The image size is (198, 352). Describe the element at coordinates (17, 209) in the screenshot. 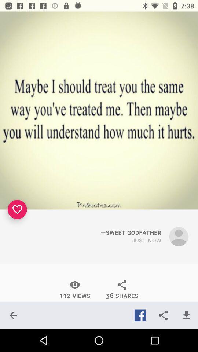

I see `like post` at that location.